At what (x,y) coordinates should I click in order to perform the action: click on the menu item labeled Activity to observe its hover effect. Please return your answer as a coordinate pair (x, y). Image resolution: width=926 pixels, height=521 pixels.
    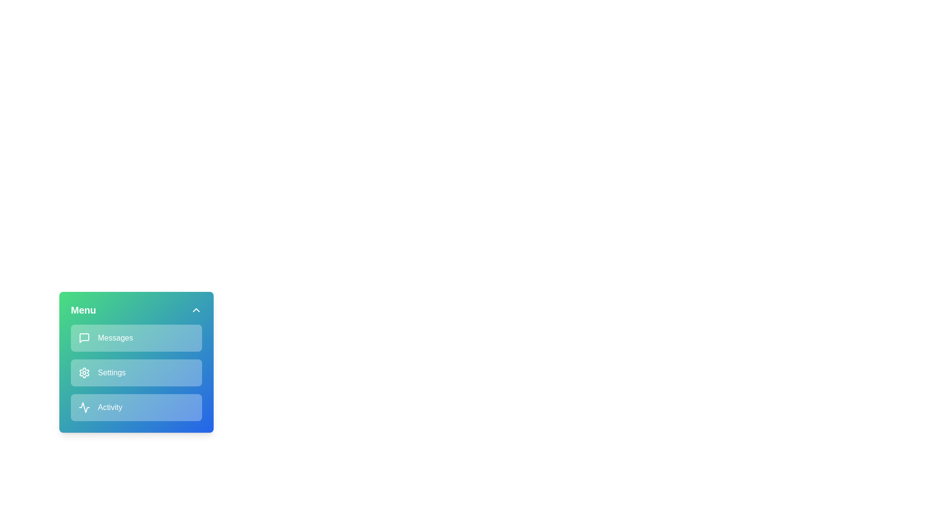
    Looking at the image, I should click on (136, 407).